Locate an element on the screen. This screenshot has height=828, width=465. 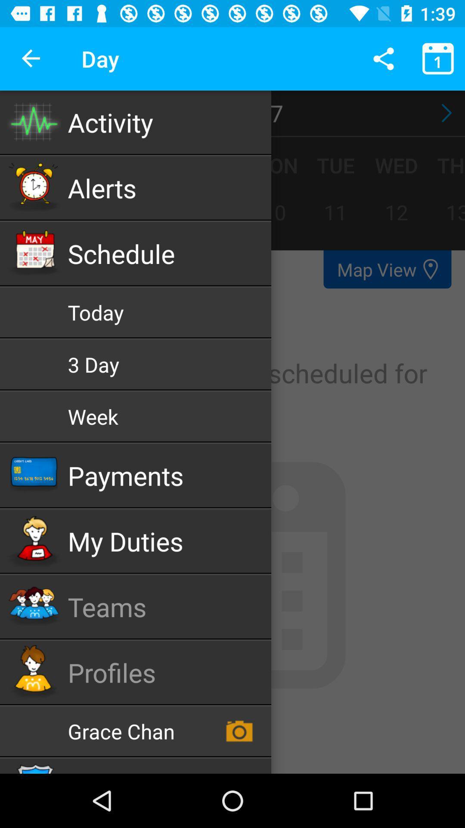
the arrow_forward icon is located at coordinates (444, 113).